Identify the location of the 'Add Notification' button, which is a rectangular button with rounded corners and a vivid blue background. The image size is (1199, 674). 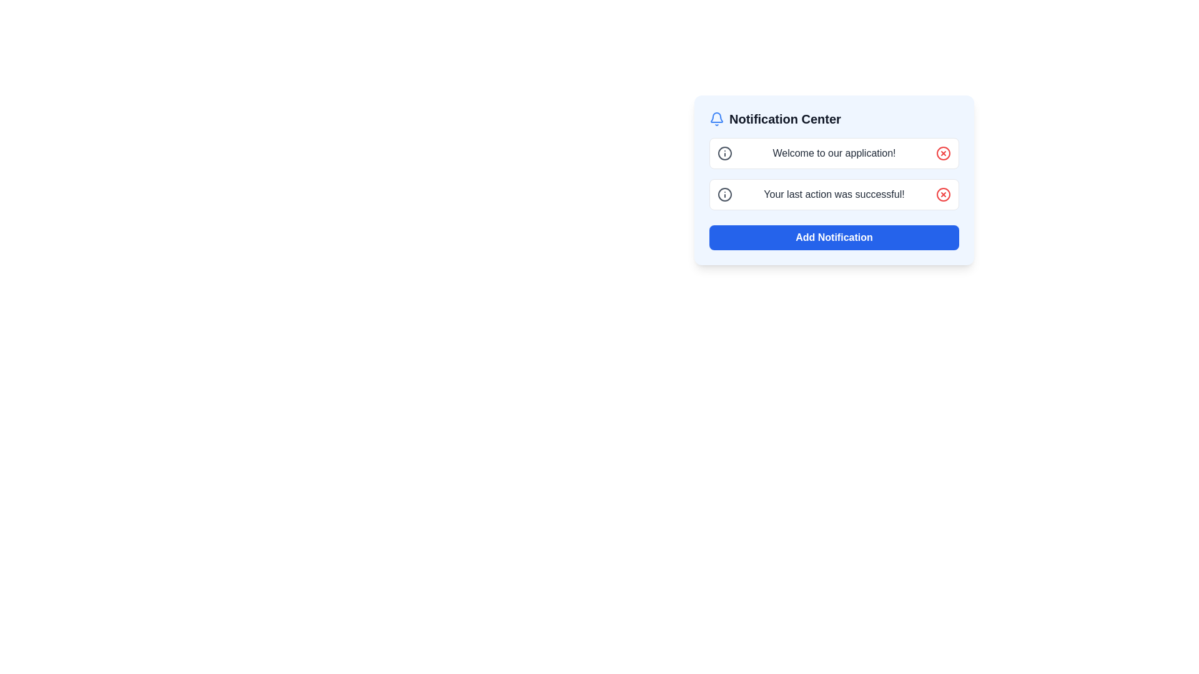
(834, 238).